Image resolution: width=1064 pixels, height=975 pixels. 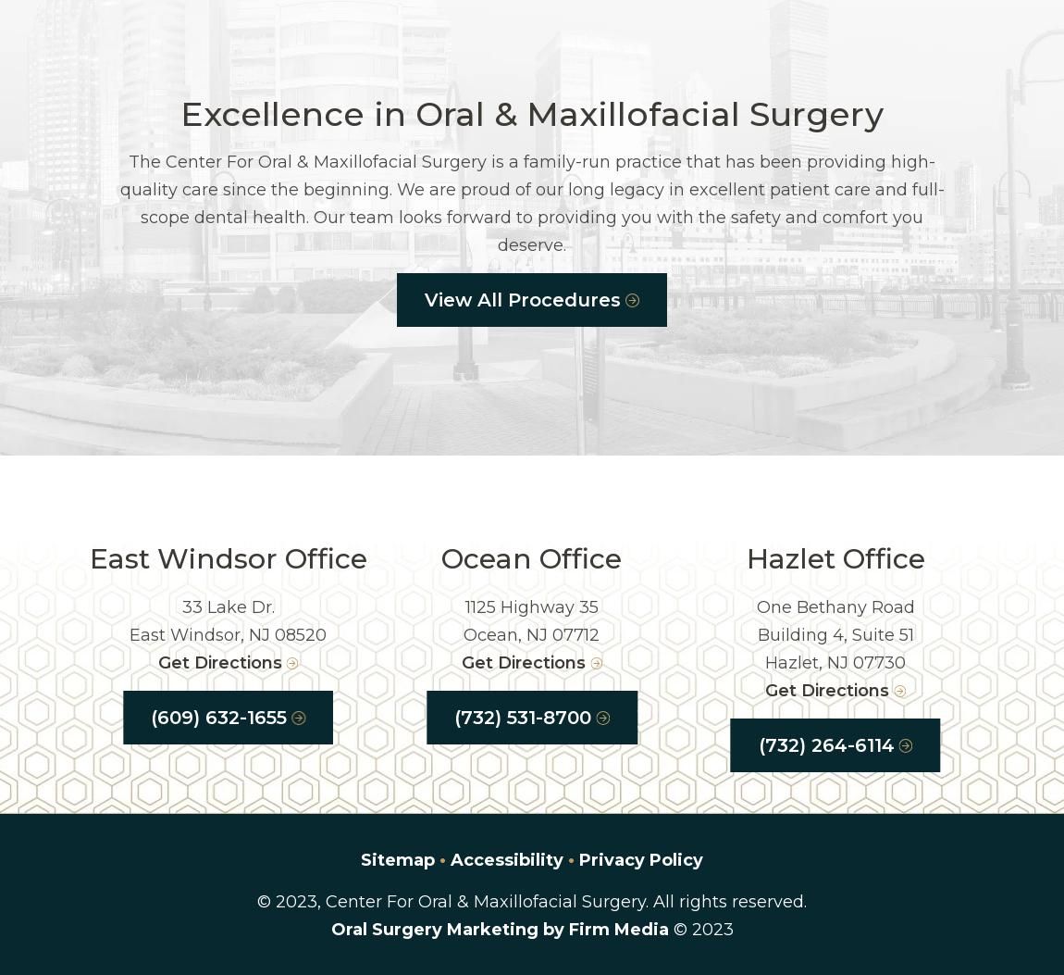 I want to click on '(732) 264-6114', so click(x=825, y=745).